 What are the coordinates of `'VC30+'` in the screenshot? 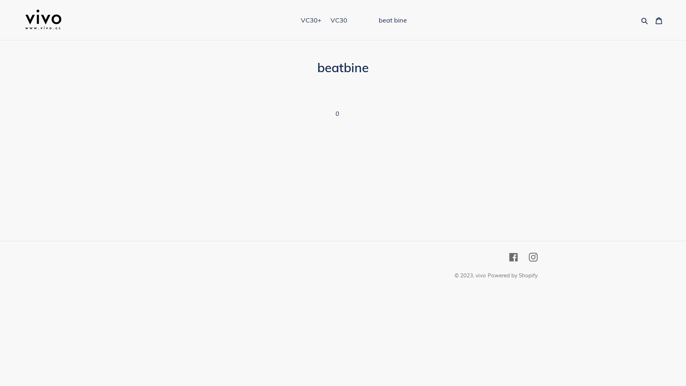 It's located at (311, 20).